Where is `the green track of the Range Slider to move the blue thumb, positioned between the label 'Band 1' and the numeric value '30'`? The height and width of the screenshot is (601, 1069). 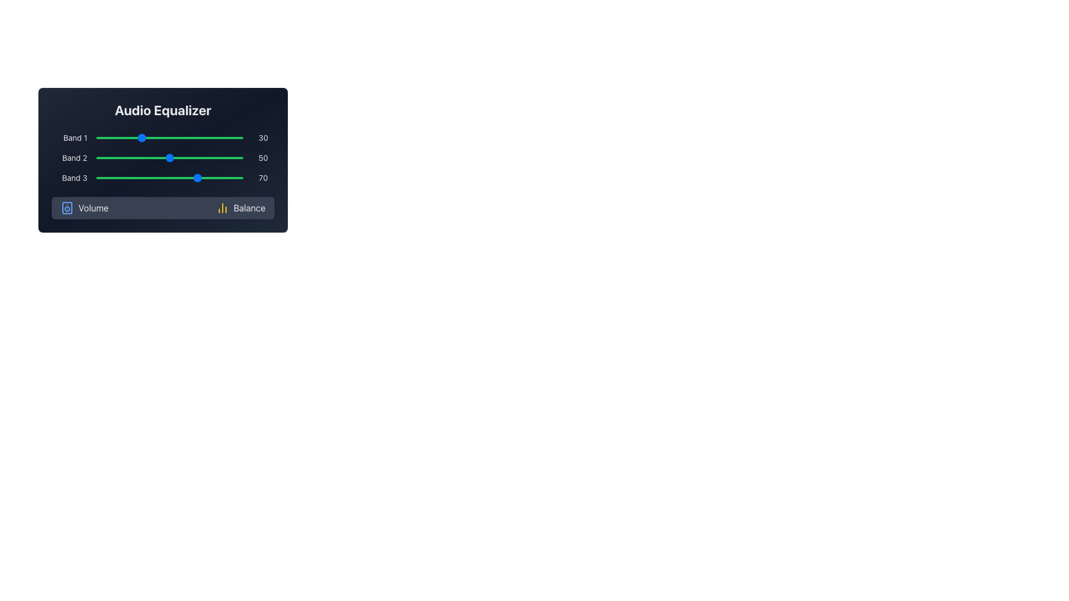
the green track of the Range Slider to move the blue thumb, positioned between the label 'Band 1' and the numeric value '30' is located at coordinates (169, 137).